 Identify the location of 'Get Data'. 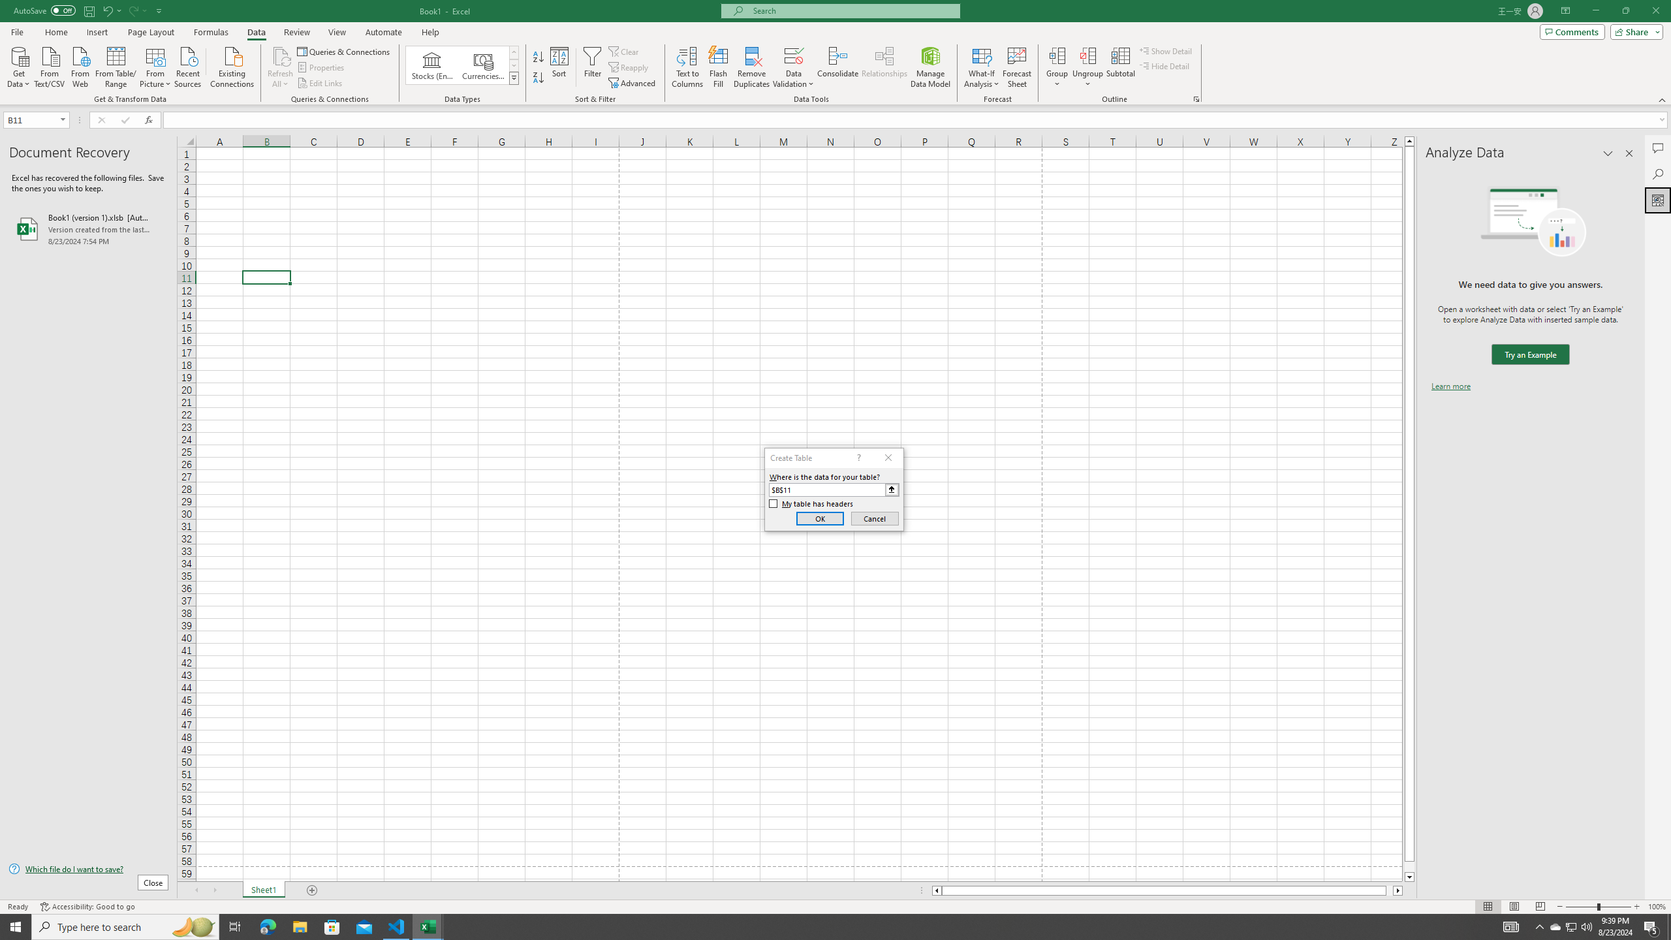
(18, 65).